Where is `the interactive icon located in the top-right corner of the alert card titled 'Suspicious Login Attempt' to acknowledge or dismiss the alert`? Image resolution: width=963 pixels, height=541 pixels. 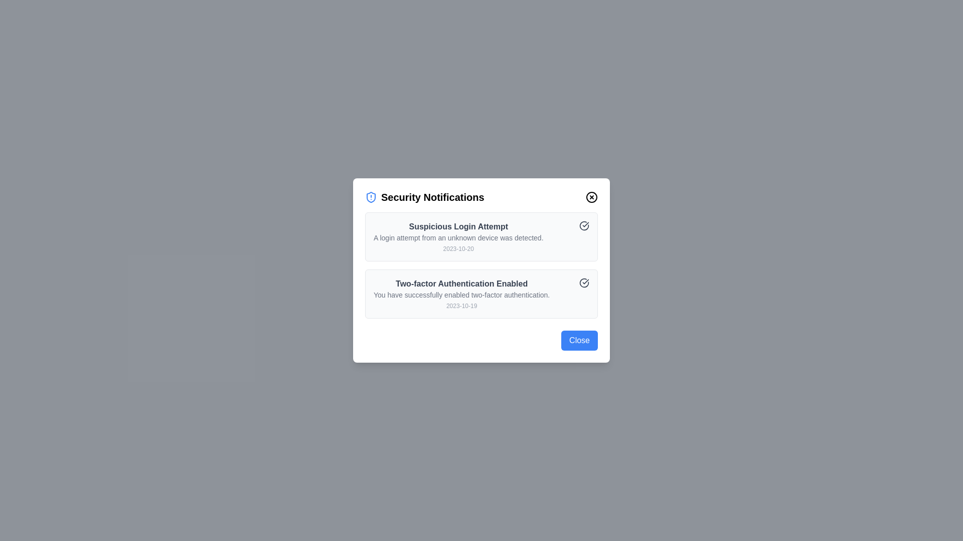
the interactive icon located in the top-right corner of the alert card titled 'Suspicious Login Attempt' to acknowledge or dismiss the alert is located at coordinates (584, 226).